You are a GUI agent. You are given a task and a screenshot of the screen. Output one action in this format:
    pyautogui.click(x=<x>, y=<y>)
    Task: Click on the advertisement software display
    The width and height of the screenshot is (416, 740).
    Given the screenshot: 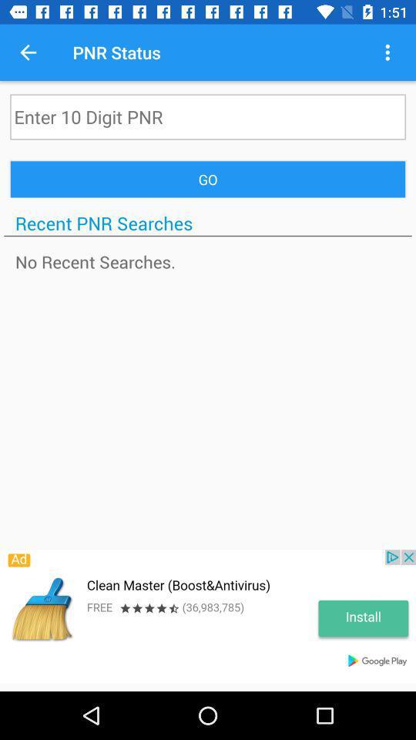 What is the action you would take?
    pyautogui.click(x=208, y=616)
    